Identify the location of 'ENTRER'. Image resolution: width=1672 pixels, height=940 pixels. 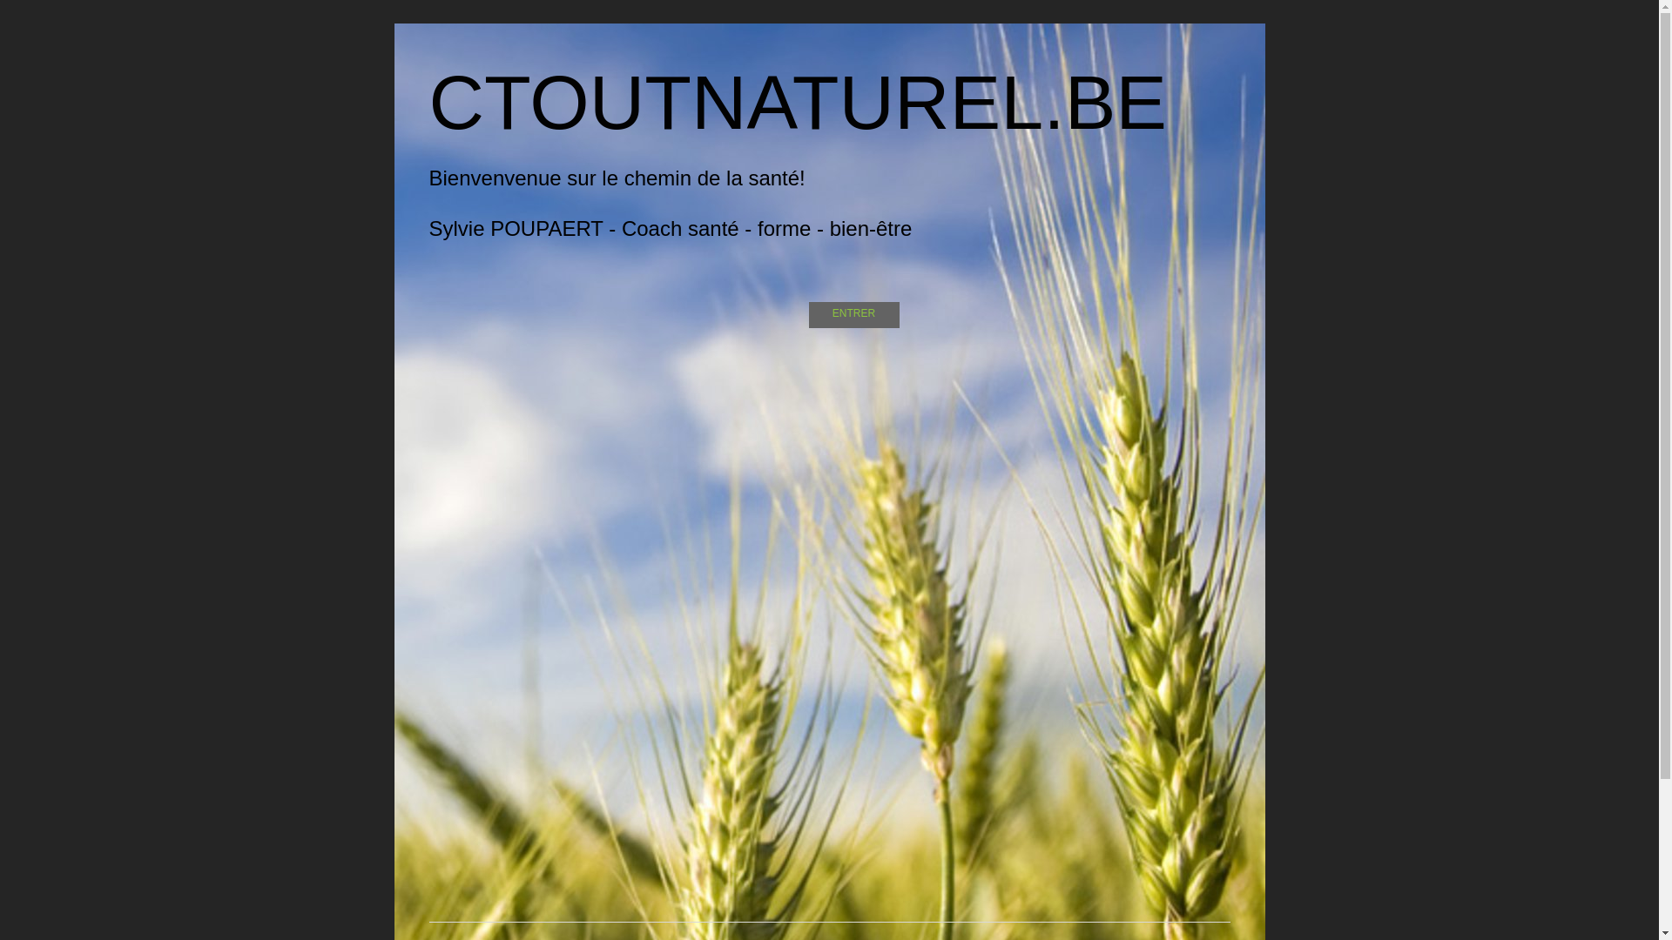
(831, 312).